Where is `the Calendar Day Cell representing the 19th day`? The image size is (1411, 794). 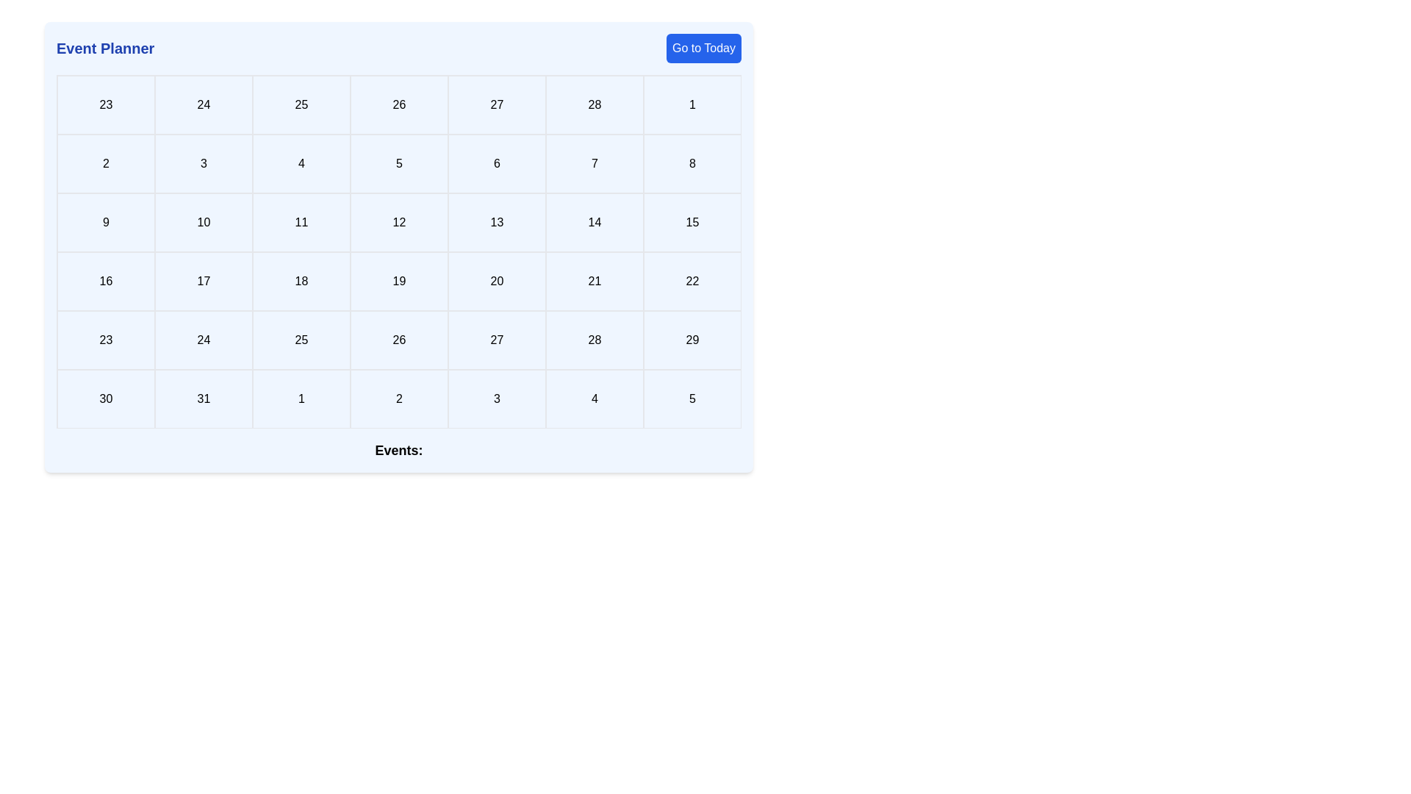 the Calendar Day Cell representing the 19th day is located at coordinates (399, 281).